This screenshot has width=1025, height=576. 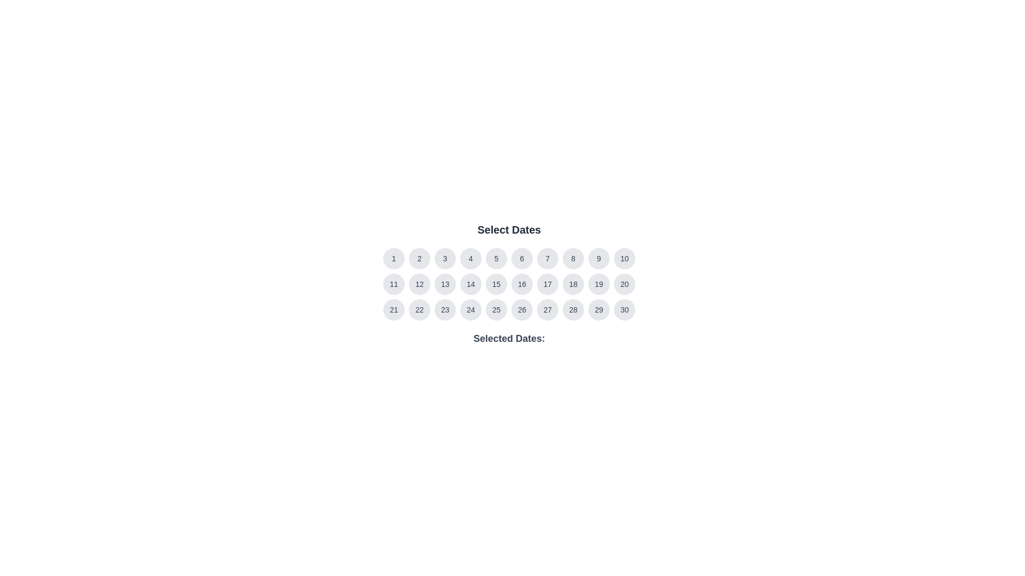 What do you see at coordinates (573, 310) in the screenshot?
I see `the circular button displaying the number '28' in the bottom row of the calendar interface` at bounding box center [573, 310].